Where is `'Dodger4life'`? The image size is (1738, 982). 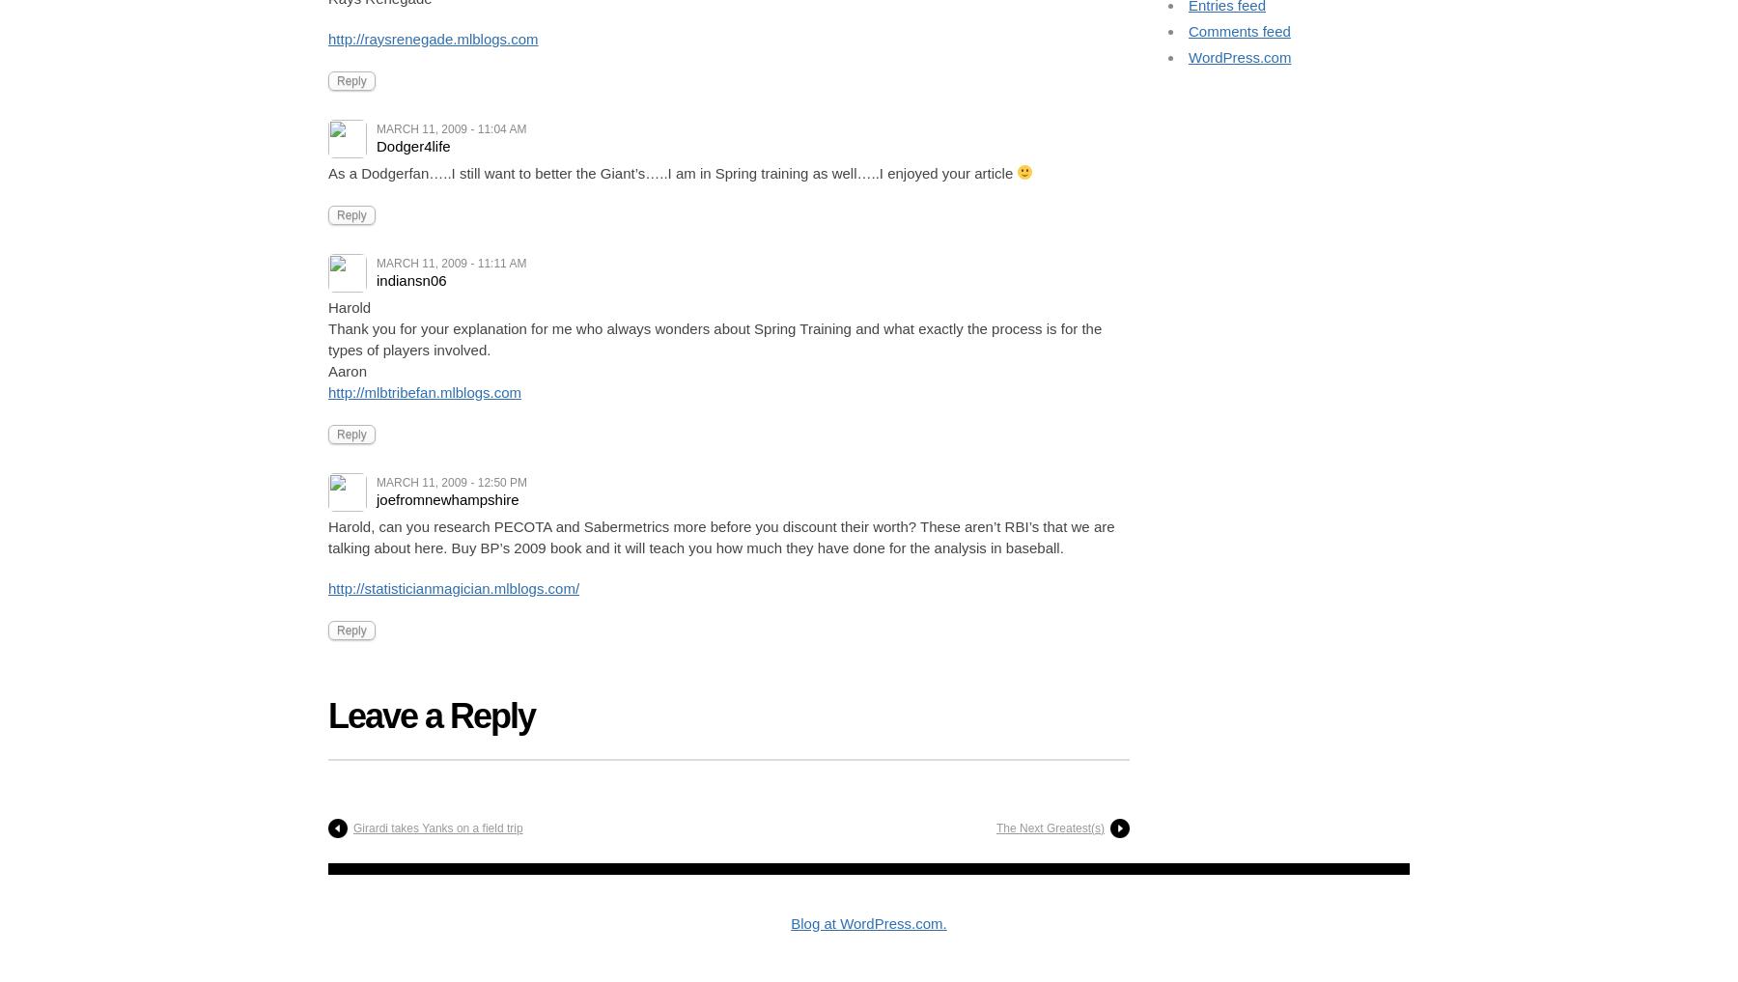
'Dodger4life' is located at coordinates (413, 144).